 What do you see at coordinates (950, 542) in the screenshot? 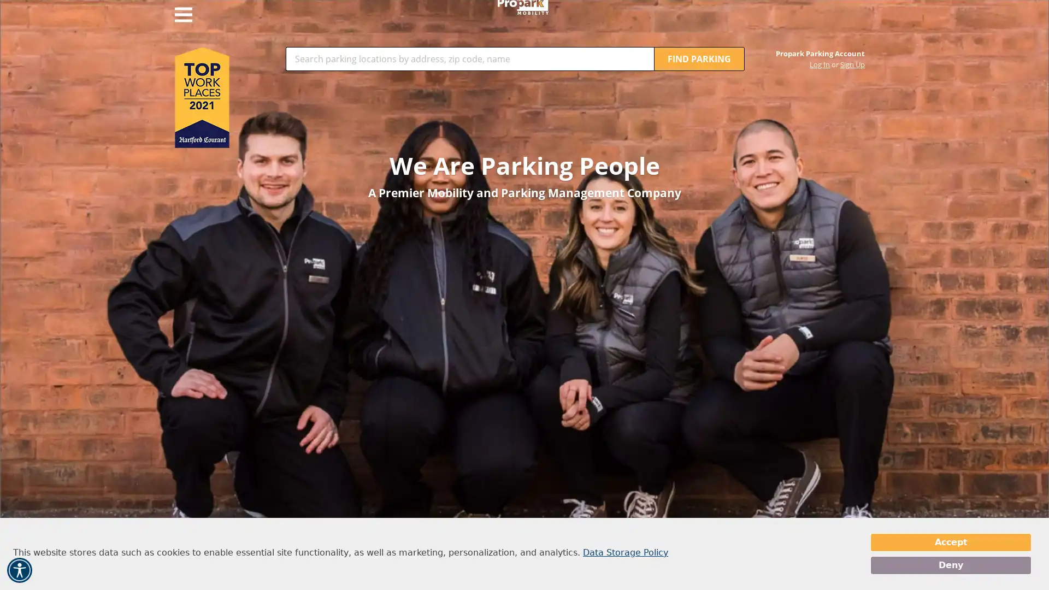
I see `Accept` at bounding box center [950, 542].